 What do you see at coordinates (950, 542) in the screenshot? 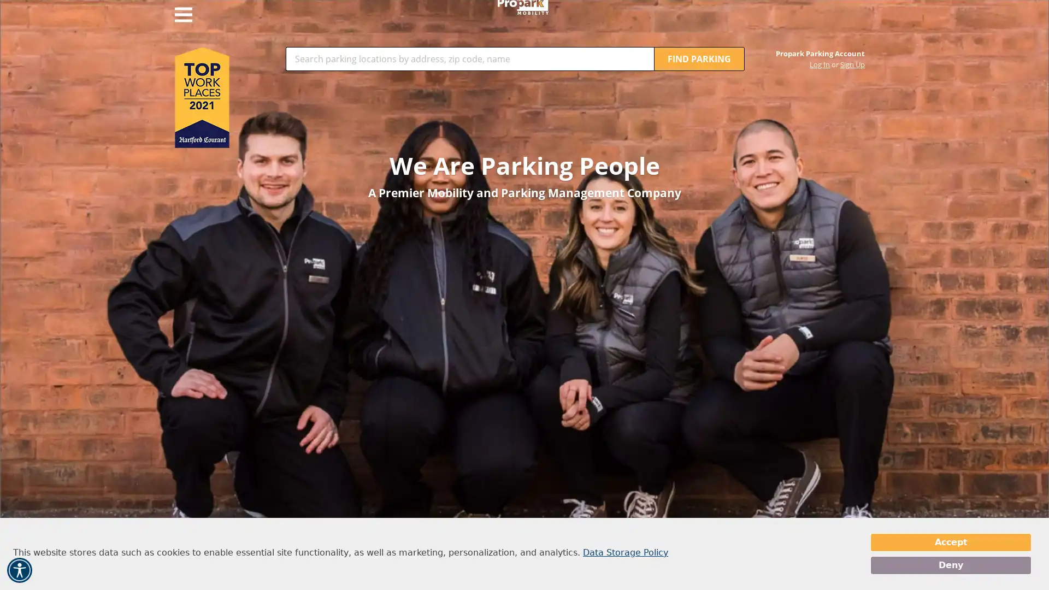
I see `Accept` at bounding box center [950, 542].